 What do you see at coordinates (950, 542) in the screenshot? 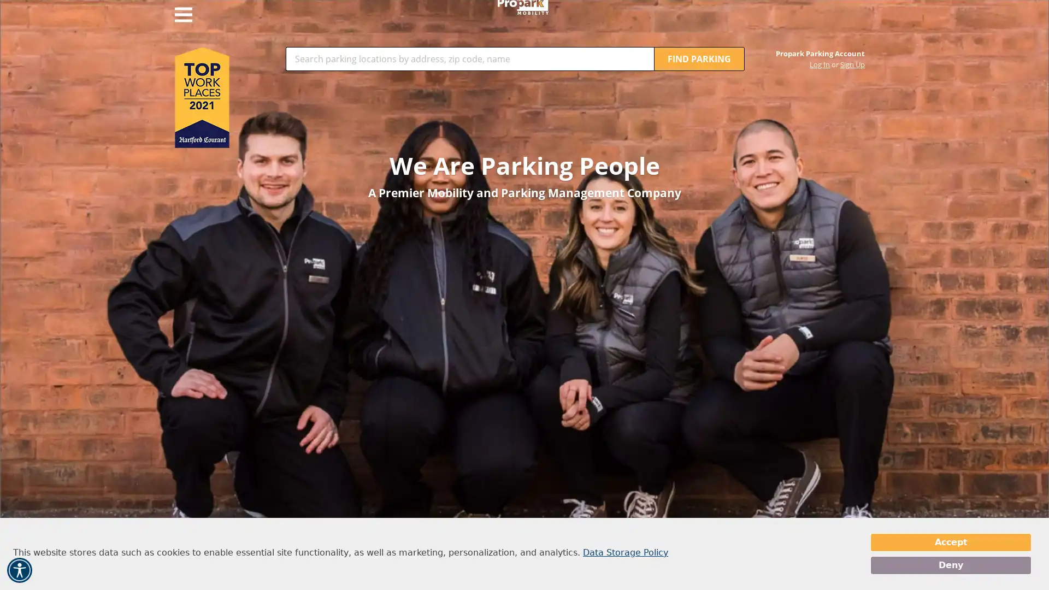
I see `Accept` at bounding box center [950, 542].